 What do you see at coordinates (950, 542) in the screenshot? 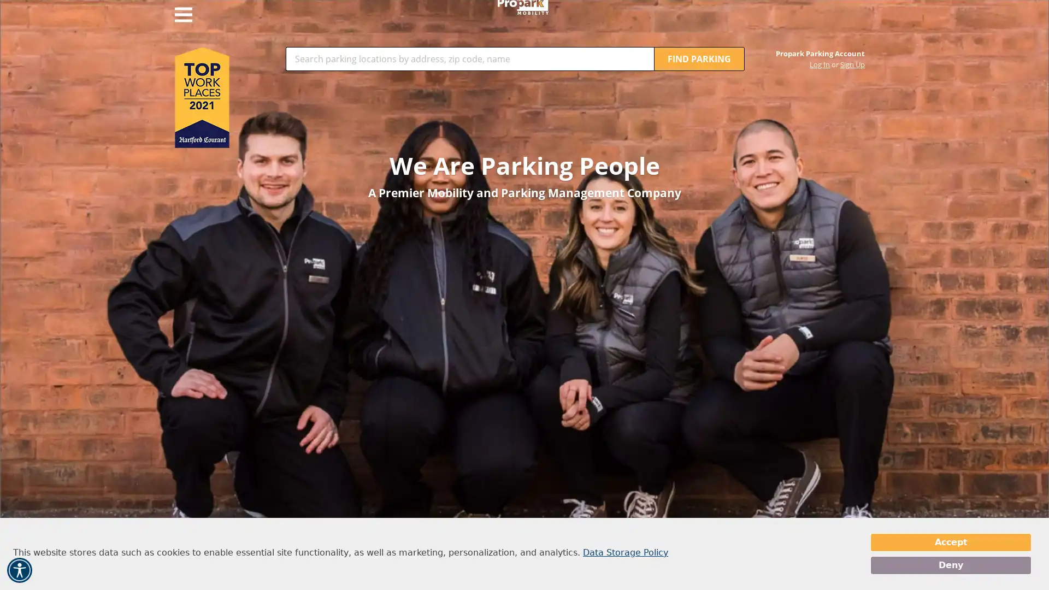
I see `Accept` at bounding box center [950, 542].